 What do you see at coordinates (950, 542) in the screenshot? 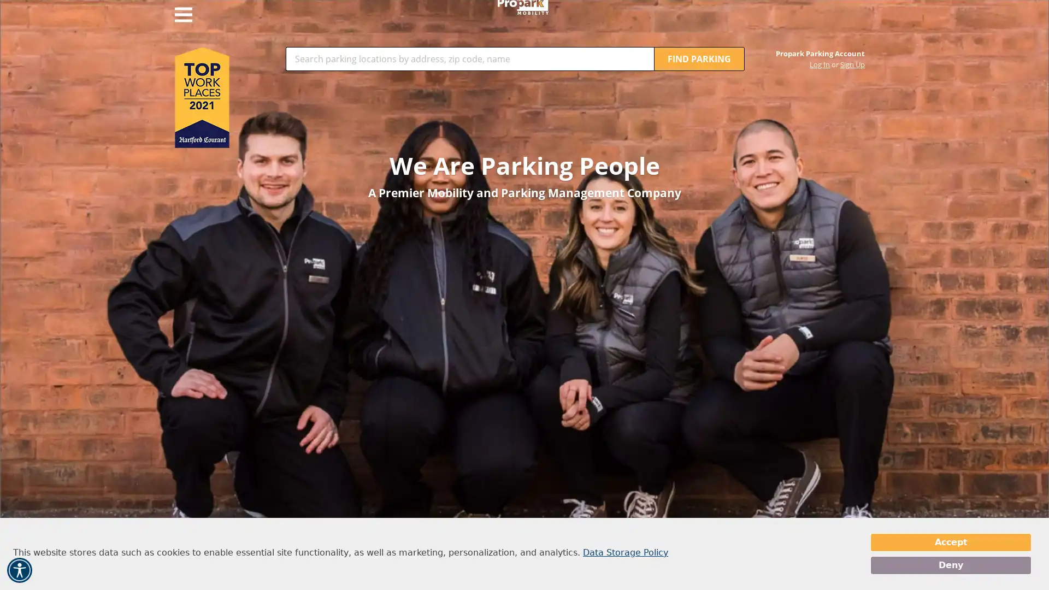
I see `Accept` at bounding box center [950, 542].